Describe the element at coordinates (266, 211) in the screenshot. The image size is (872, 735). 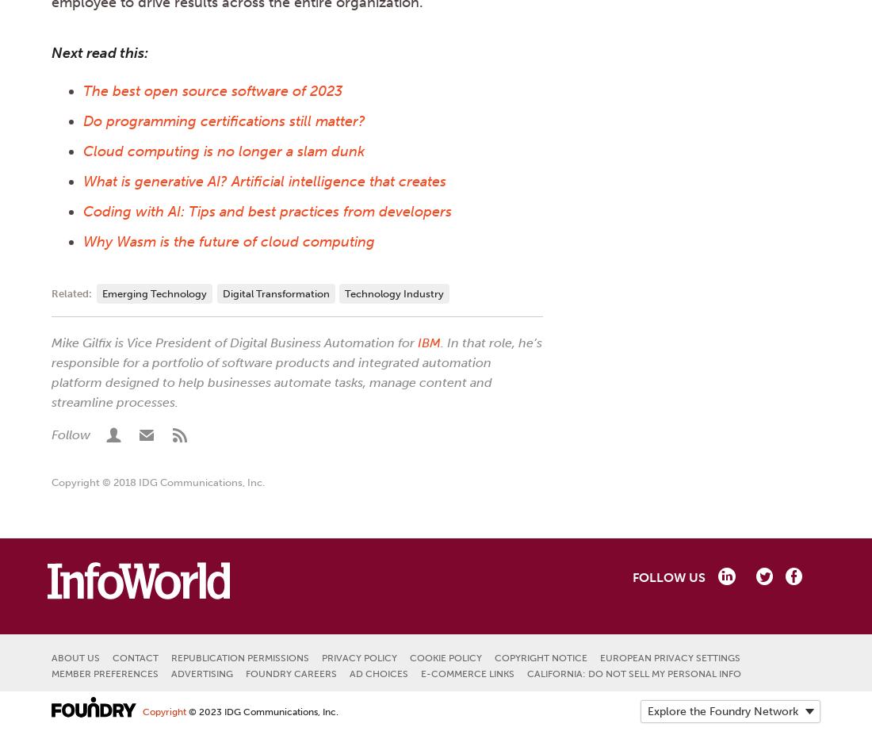
I see `'Coding with AI: Tips and best practices from developers'` at that location.